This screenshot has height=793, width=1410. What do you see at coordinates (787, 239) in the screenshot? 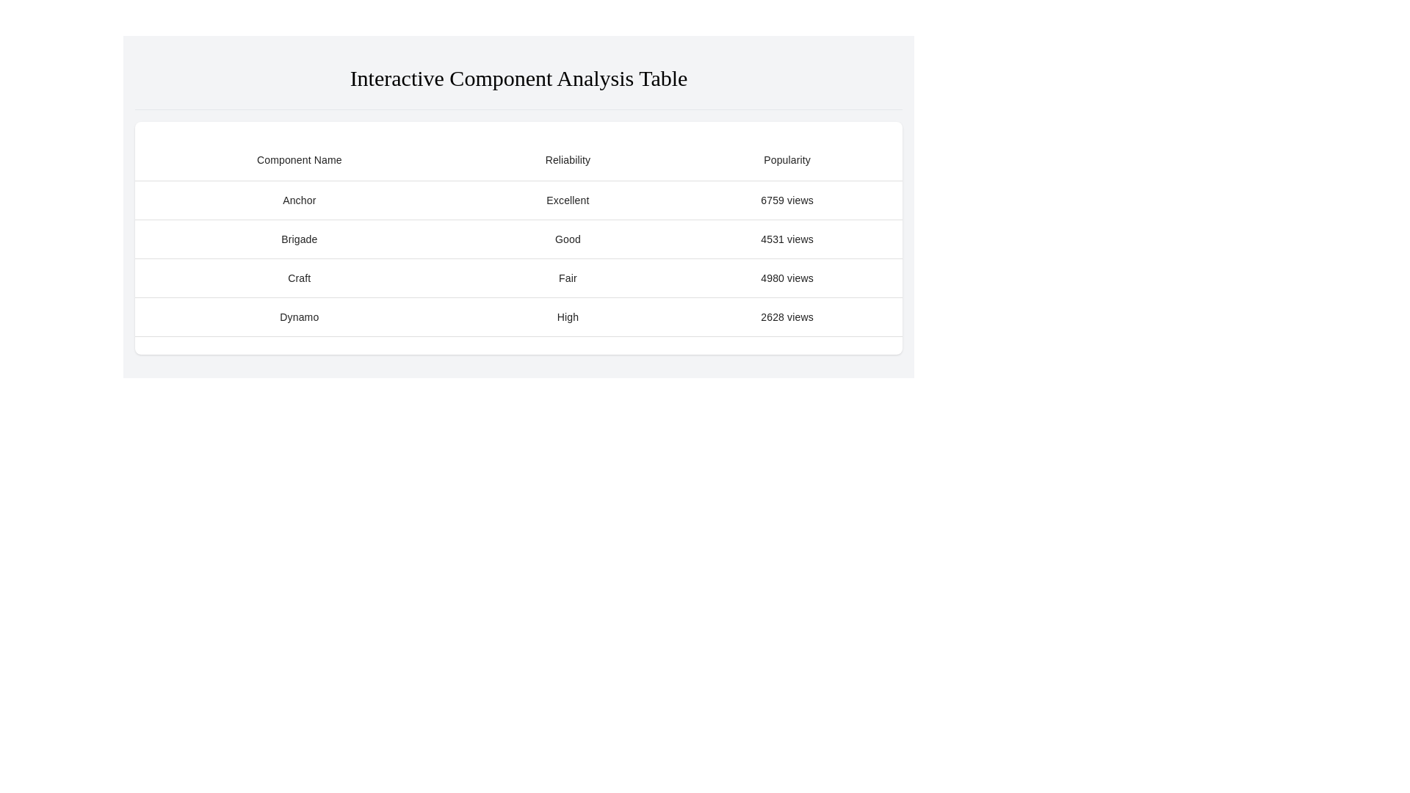
I see `the popularity metric displayed in the static text within the table cell located in the third column of the second row, adjacent to the text 'Good'` at bounding box center [787, 239].